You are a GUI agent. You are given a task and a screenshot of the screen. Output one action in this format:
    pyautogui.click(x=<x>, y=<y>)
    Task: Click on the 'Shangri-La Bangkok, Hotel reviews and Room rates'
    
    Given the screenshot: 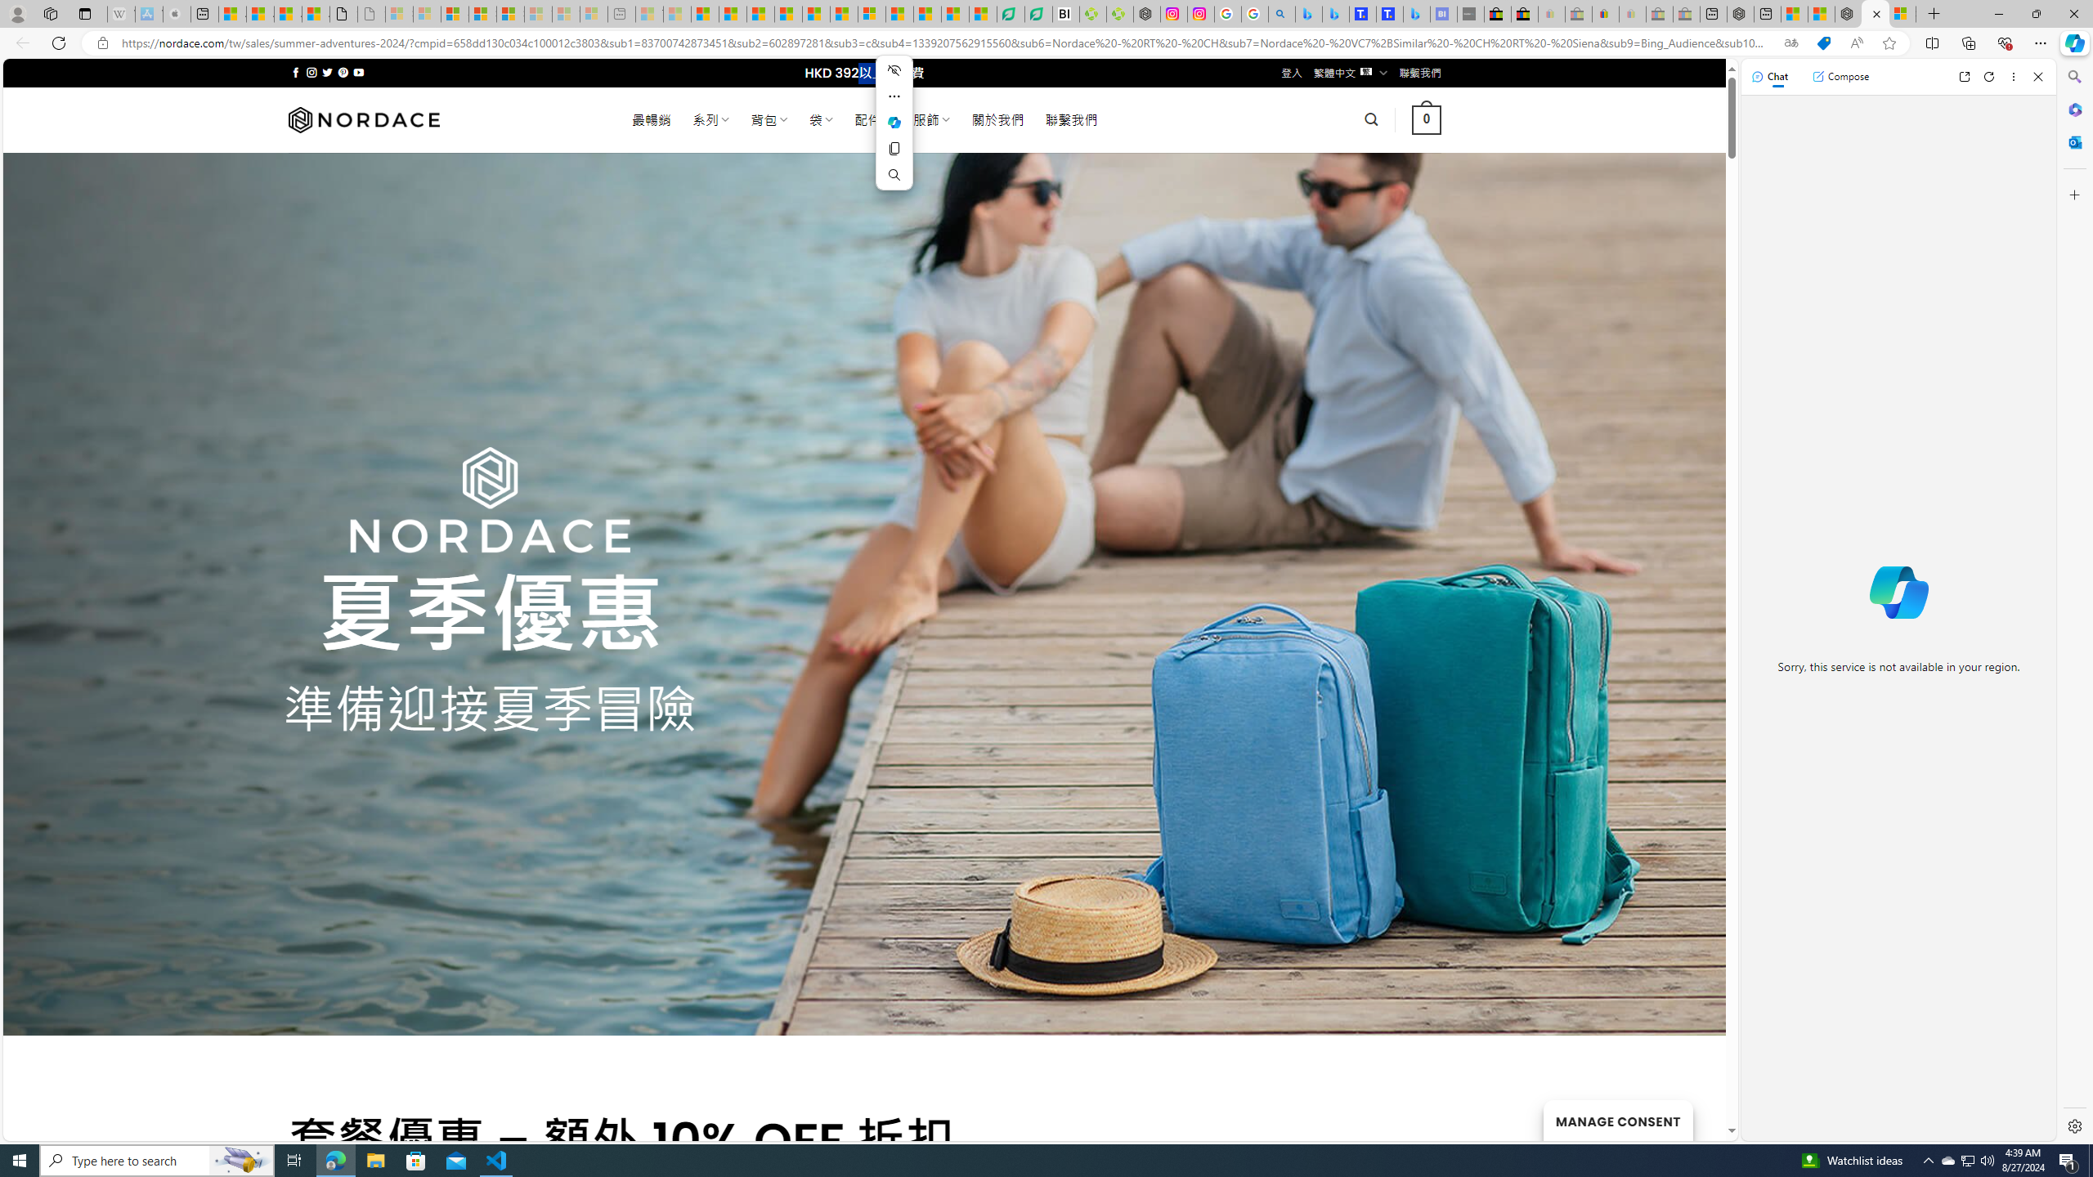 What is the action you would take?
    pyautogui.click(x=1389, y=13)
    